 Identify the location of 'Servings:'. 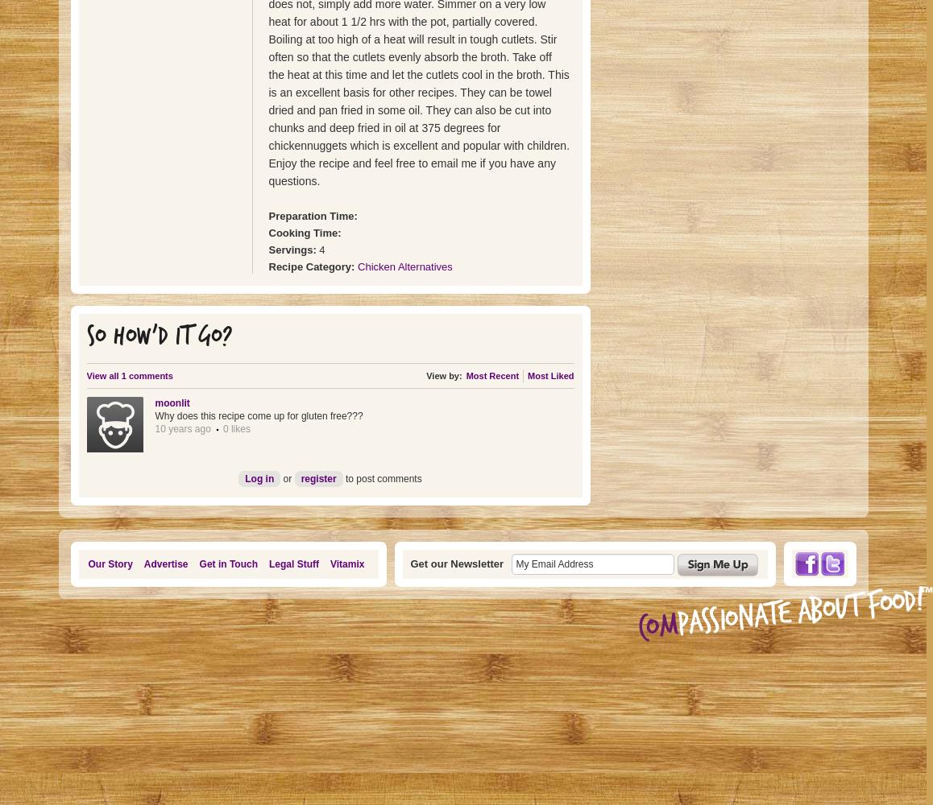
(292, 250).